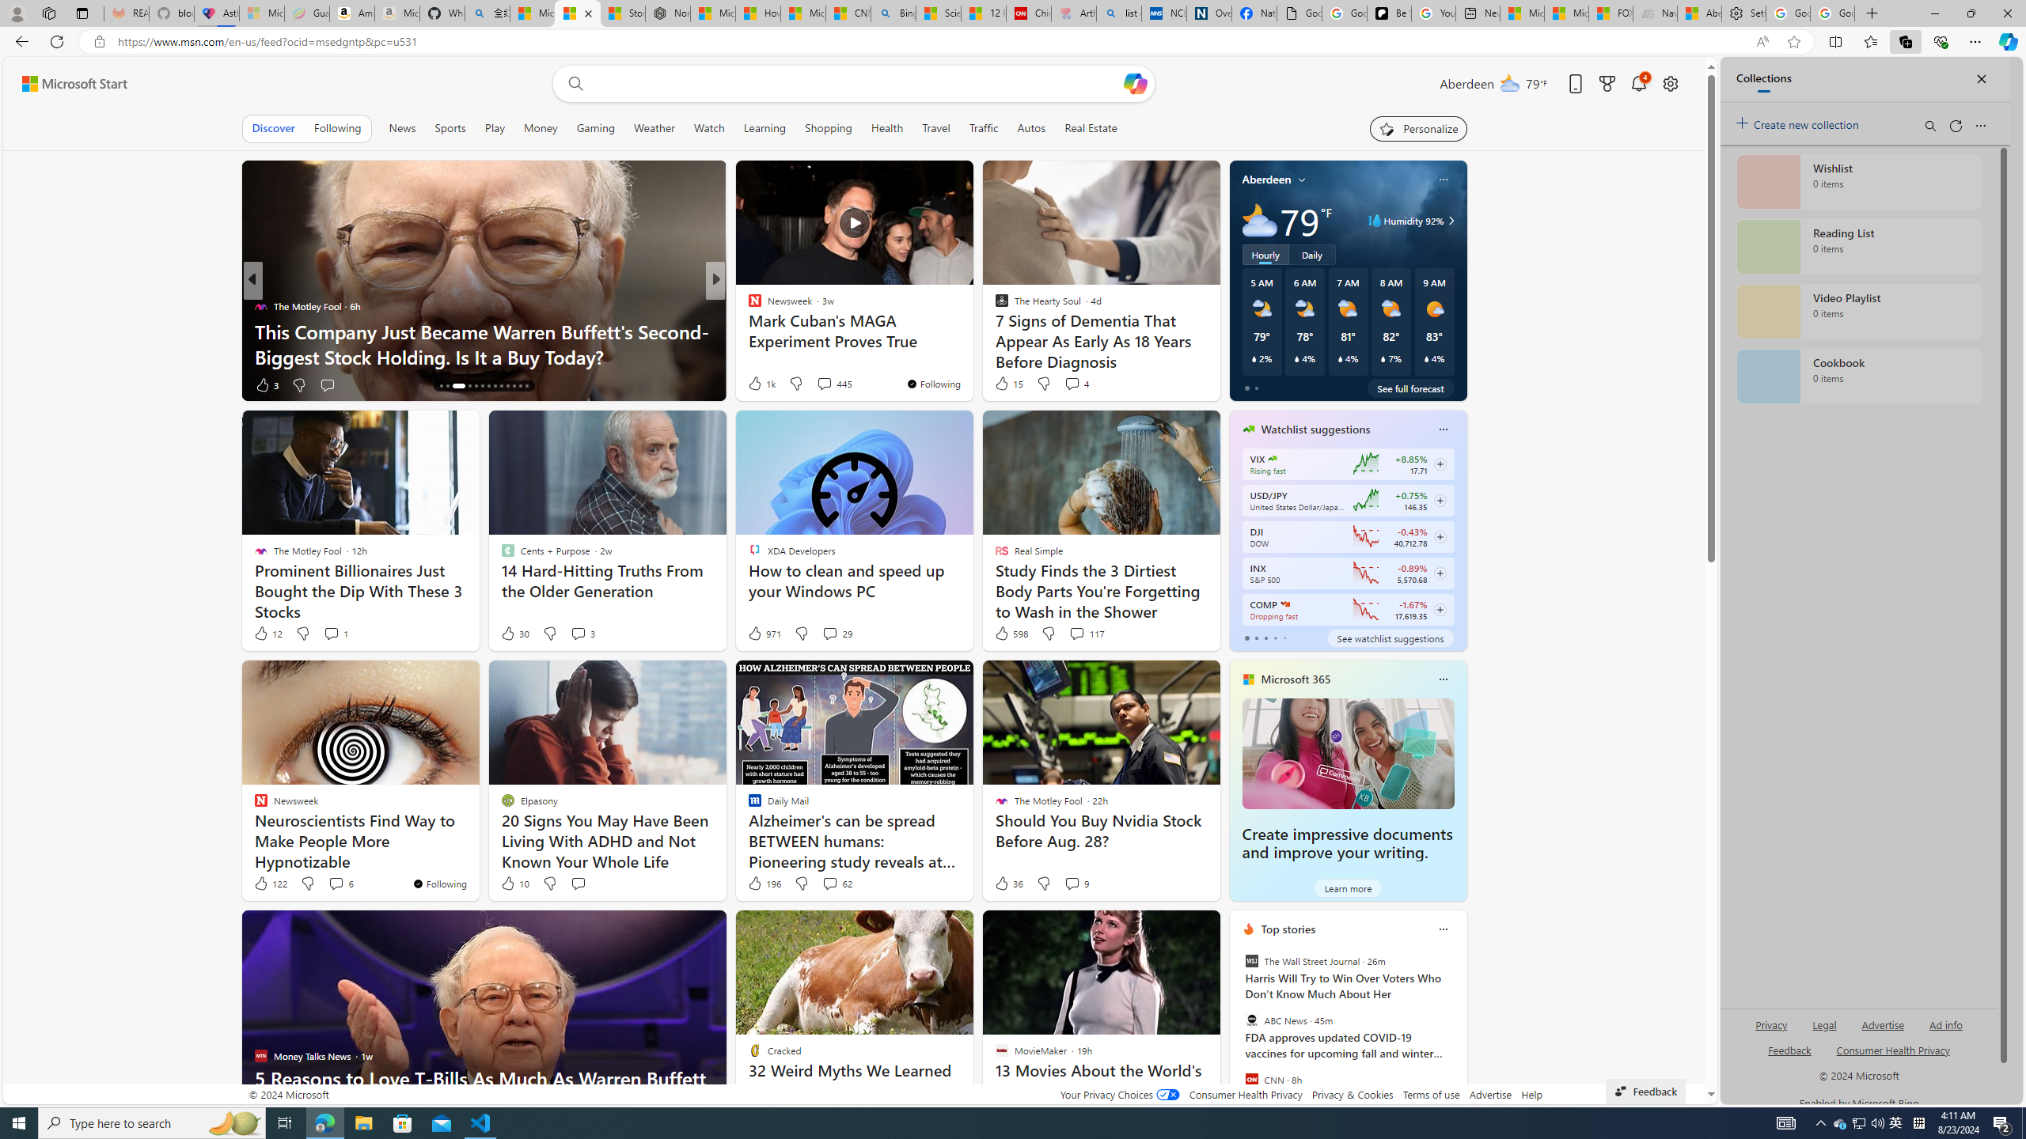 The image size is (2026, 1139). Describe the element at coordinates (1315, 428) in the screenshot. I see `'Watchlist suggestions'` at that location.